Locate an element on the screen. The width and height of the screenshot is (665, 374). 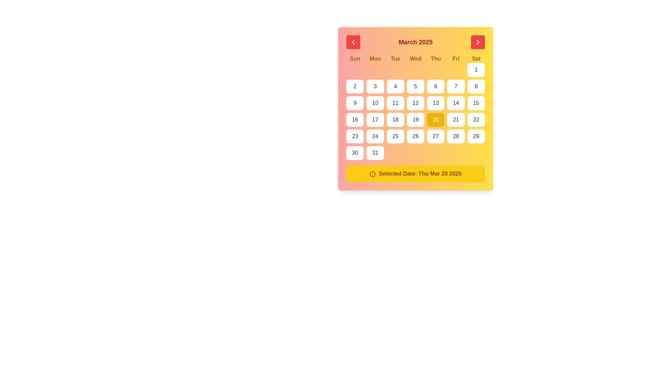
the selectable date button located in the fourth row and first column of the calendar UI, which changes the button's background color is located at coordinates (355, 119).